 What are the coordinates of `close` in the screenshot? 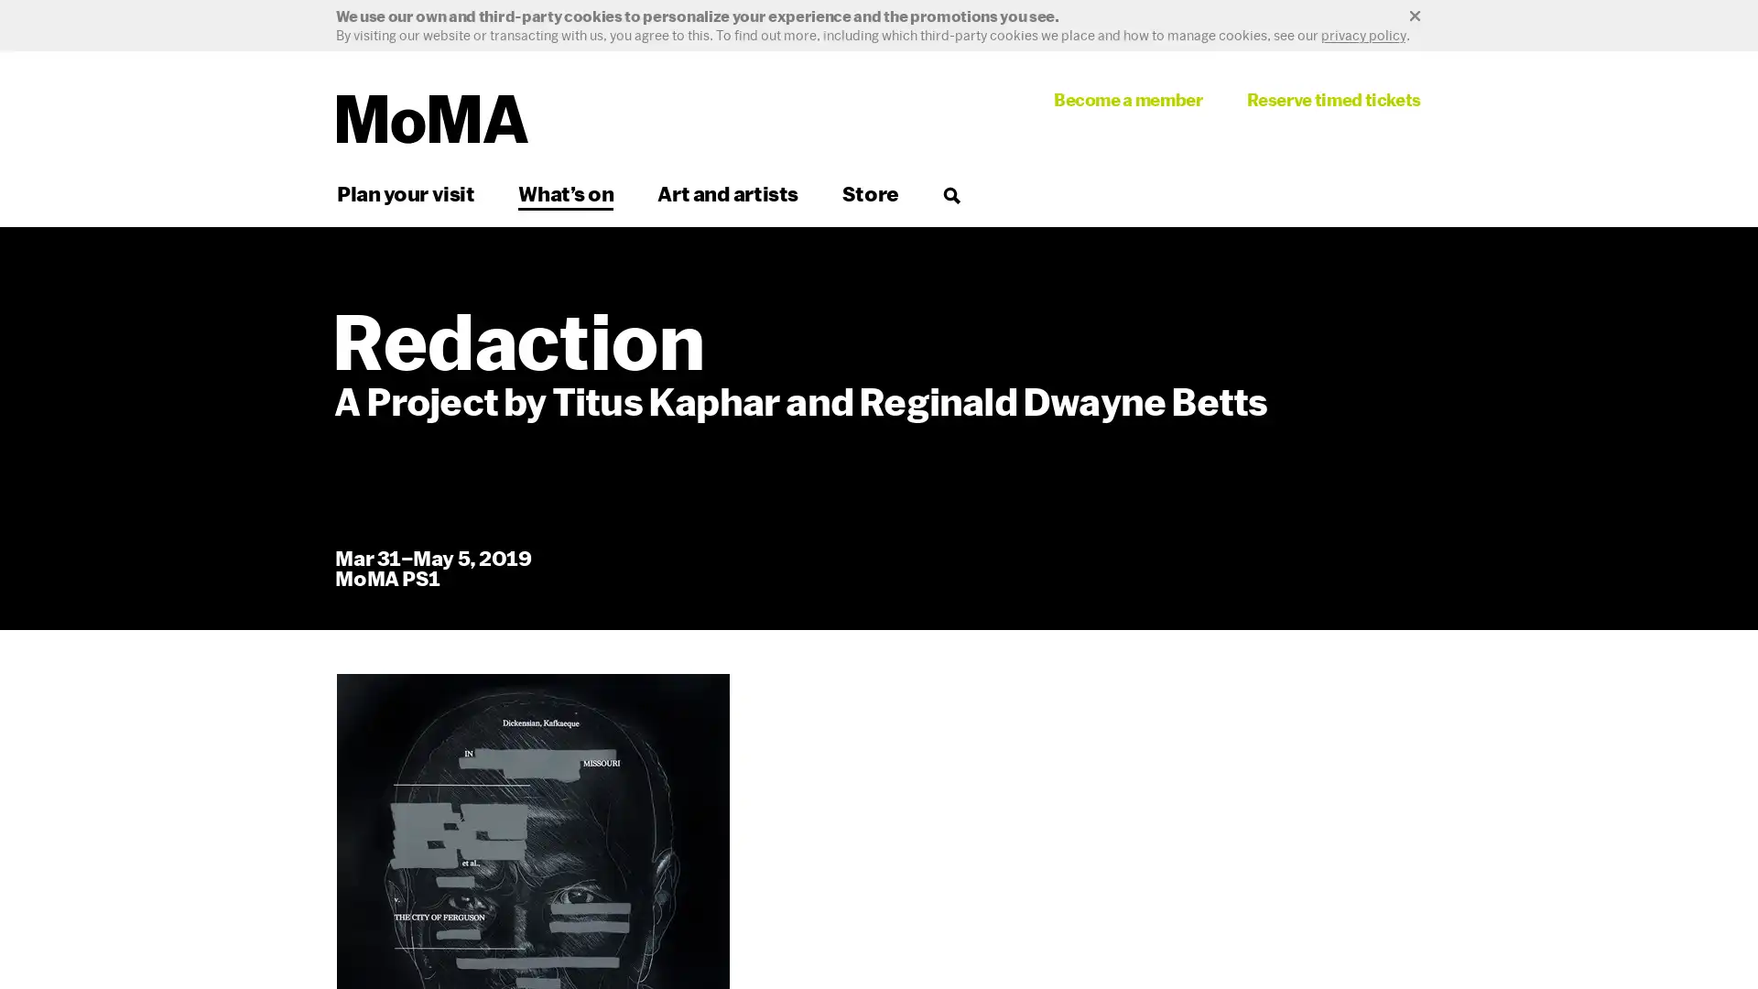 It's located at (879, 16).